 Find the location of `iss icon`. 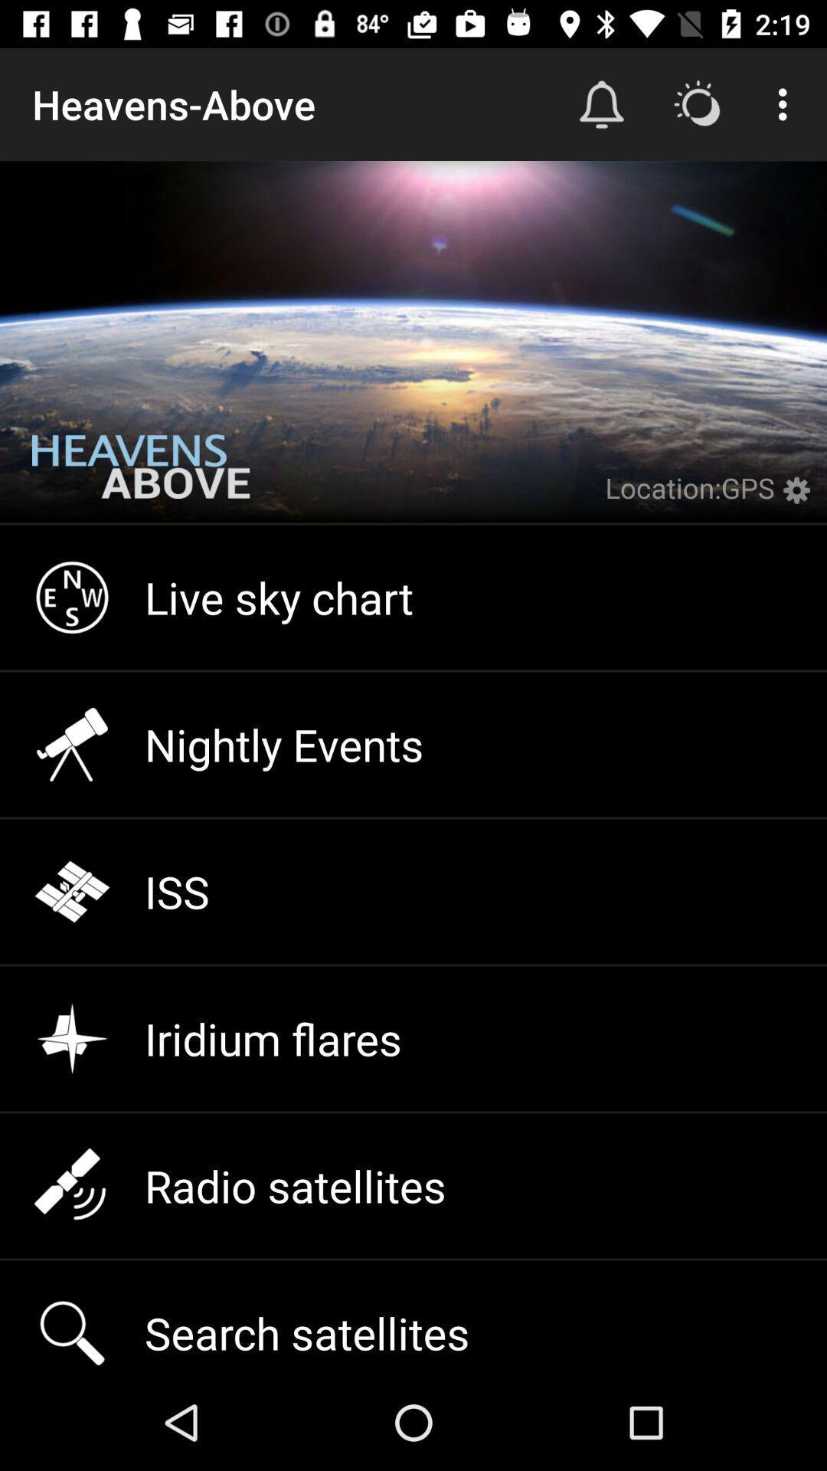

iss icon is located at coordinates (413, 892).